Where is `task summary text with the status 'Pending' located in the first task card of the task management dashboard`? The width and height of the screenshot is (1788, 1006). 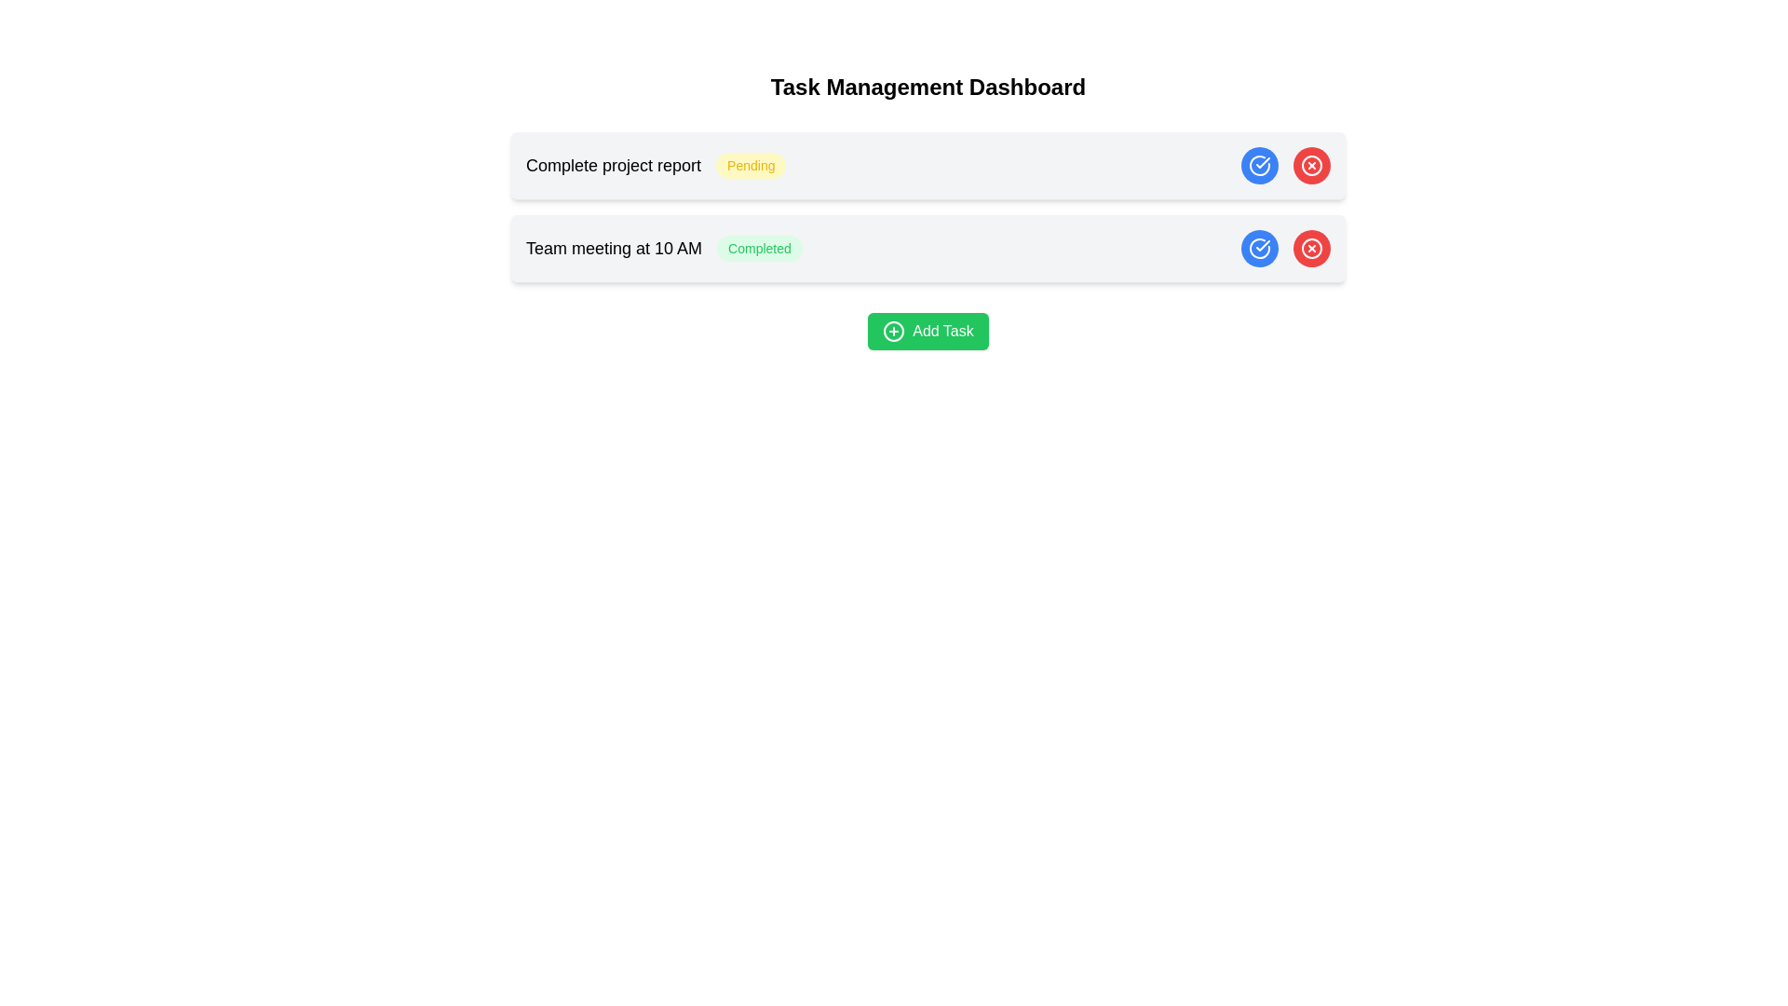 task summary text with the status 'Pending' located in the first task card of the task management dashboard is located at coordinates (656, 164).